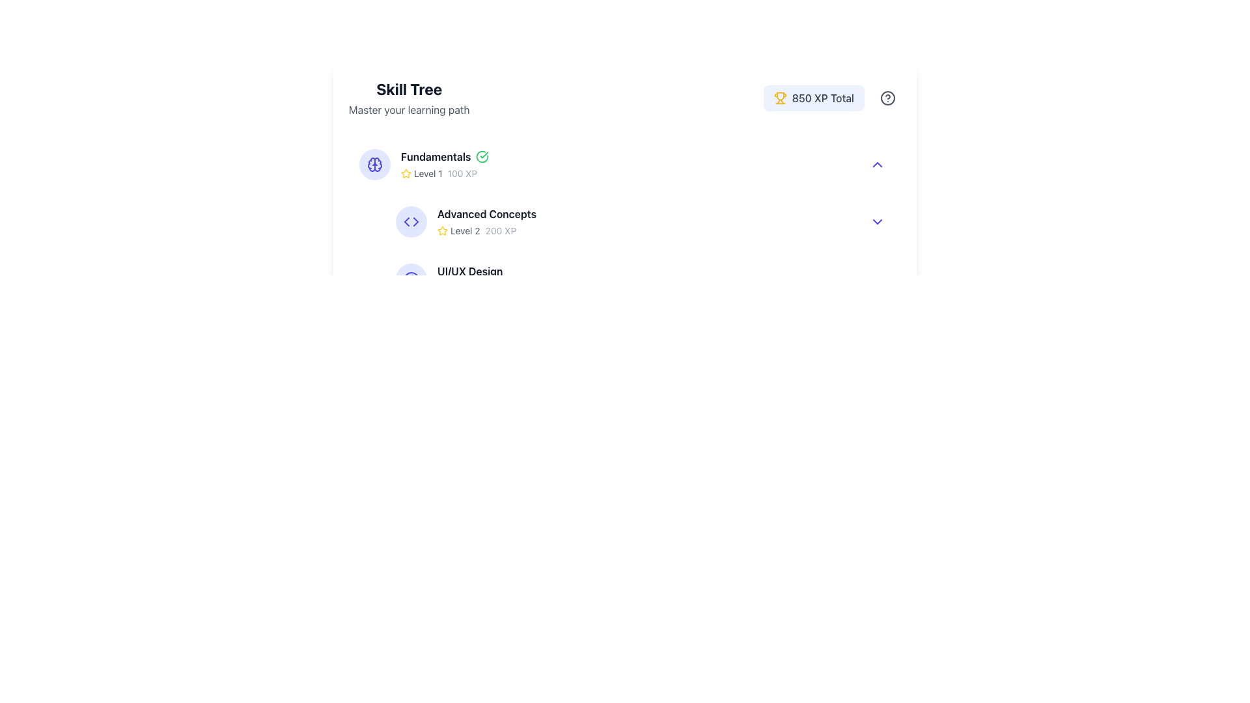 This screenshot has width=1250, height=703. I want to click on the design of the circular icon with a light indigo background and a brain-like symbol, located to the left of the 'Fundamentals Level 1 100 XP' text block, so click(374, 164).